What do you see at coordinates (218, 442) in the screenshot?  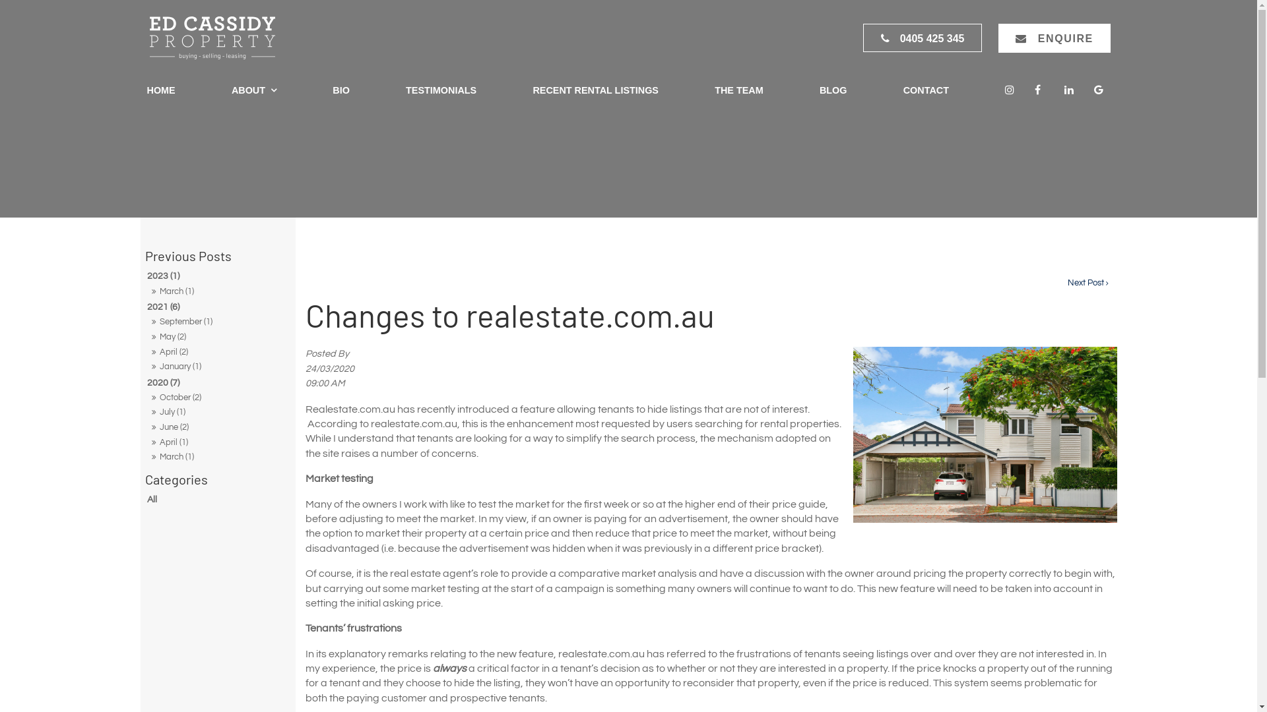 I see `'April (1)'` at bounding box center [218, 442].